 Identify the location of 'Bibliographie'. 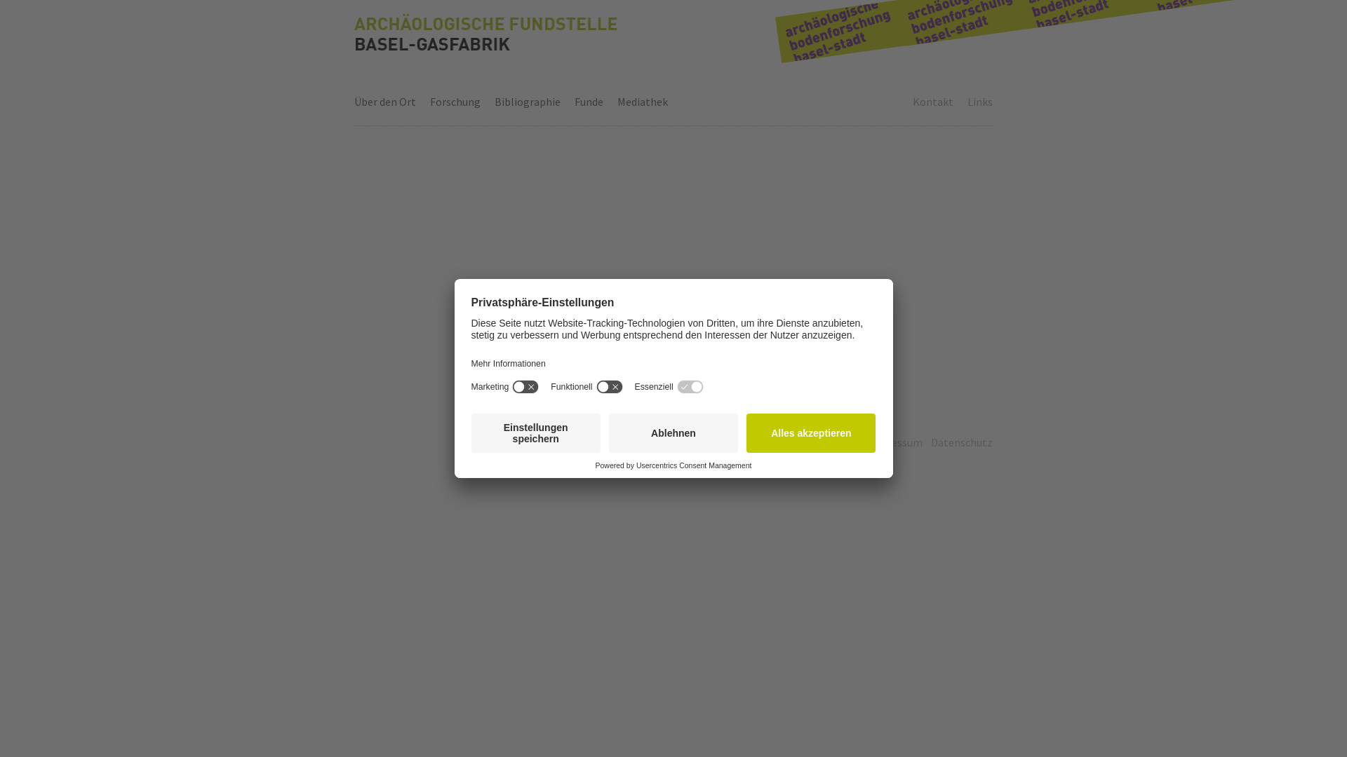
(527, 101).